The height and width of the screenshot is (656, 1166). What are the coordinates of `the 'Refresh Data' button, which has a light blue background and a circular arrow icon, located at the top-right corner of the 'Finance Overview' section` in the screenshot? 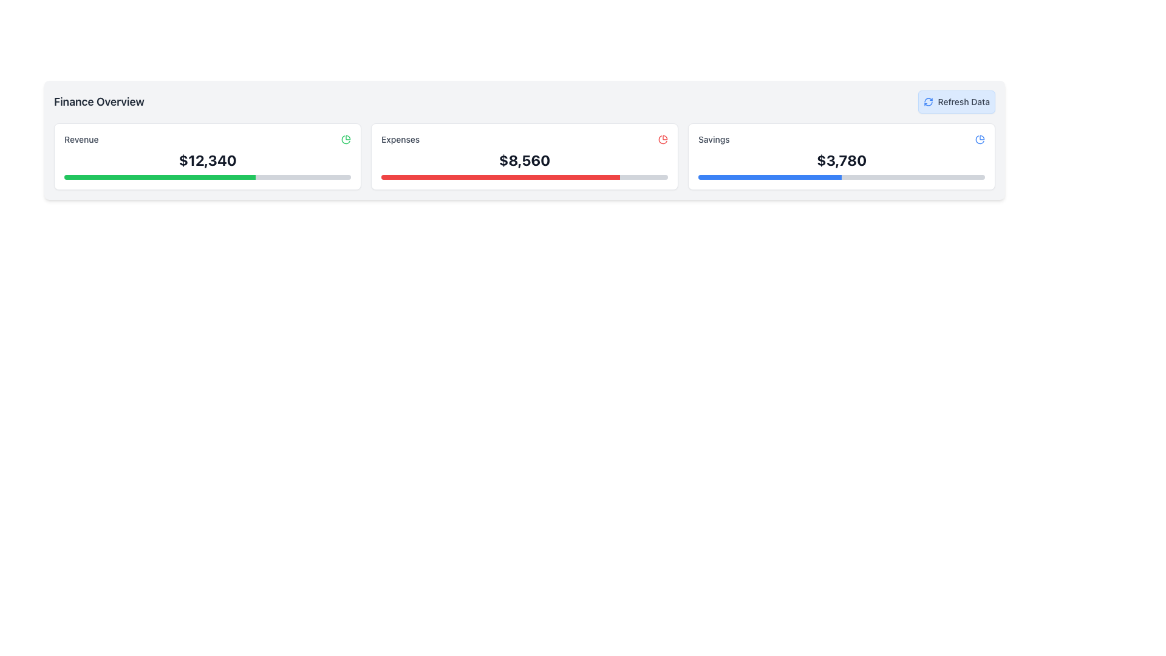 It's located at (956, 101).